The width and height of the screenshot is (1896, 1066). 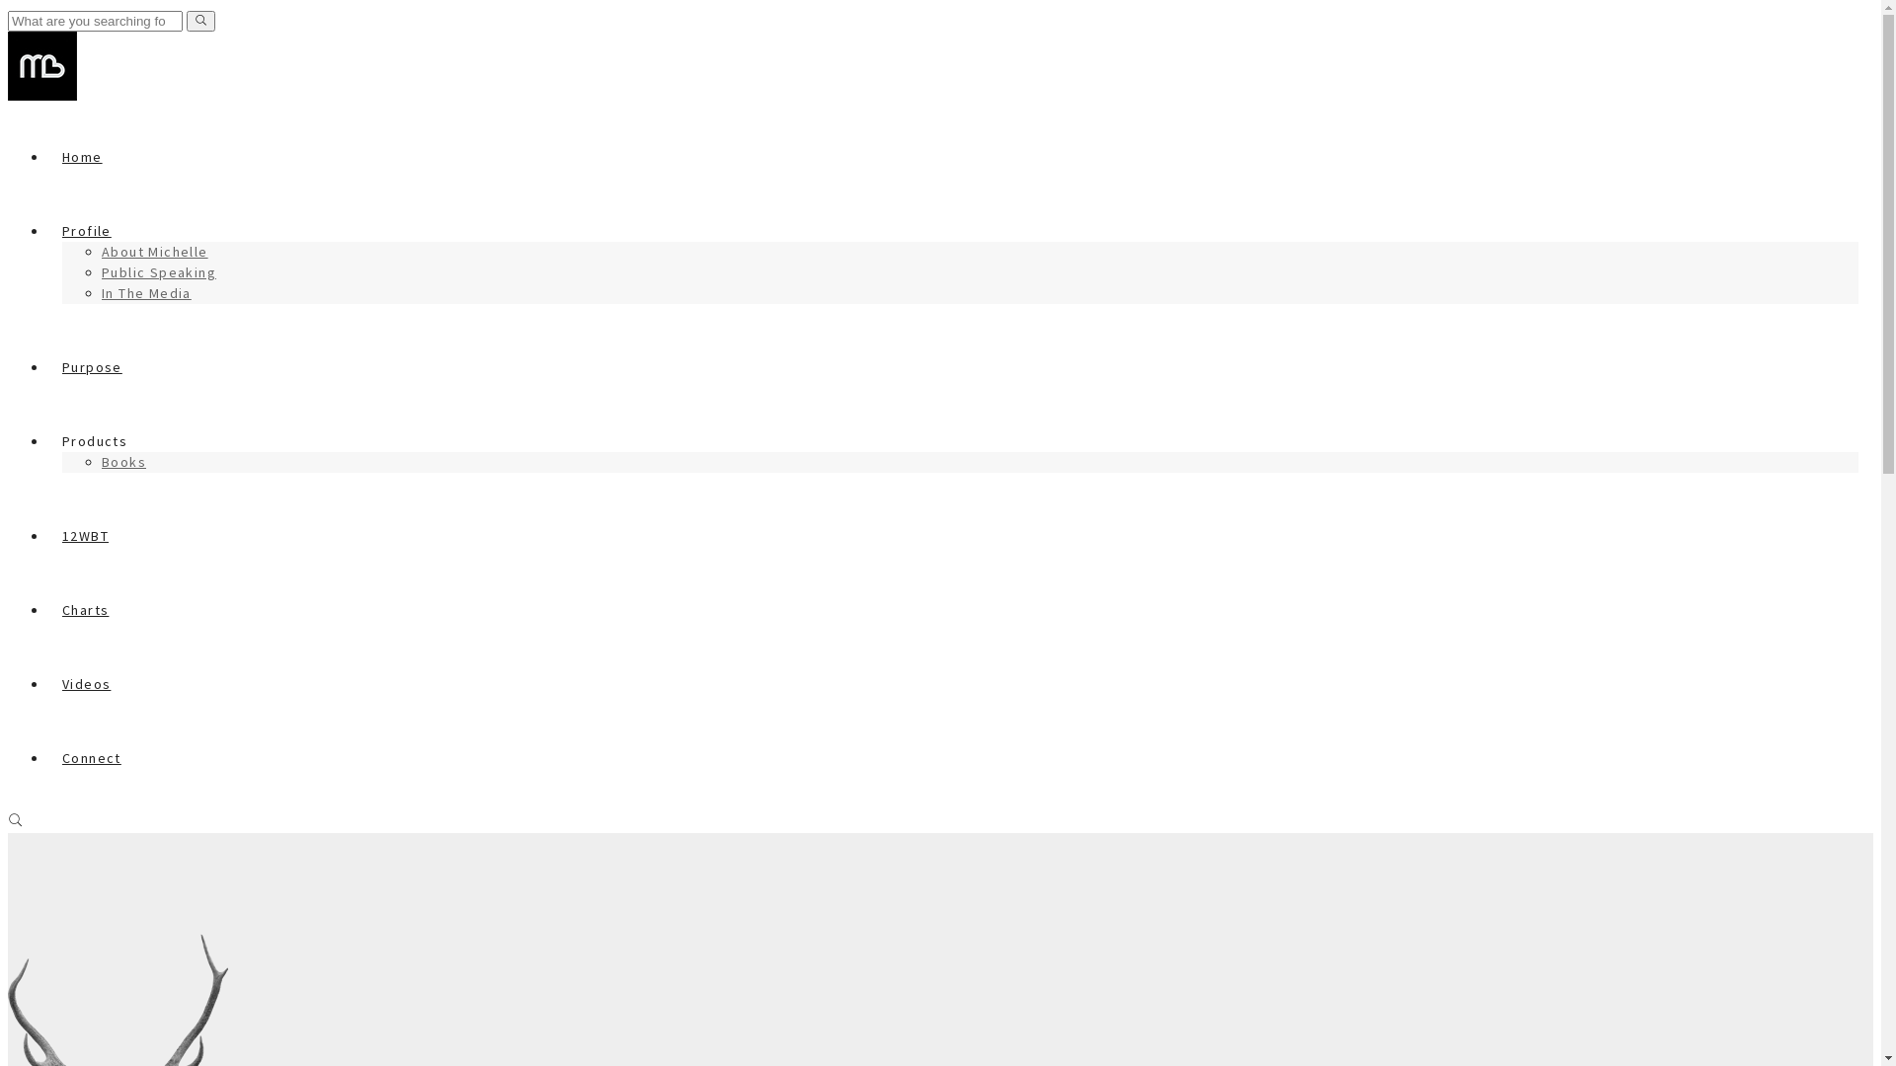 I want to click on 'Profile', so click(x=85, y=230).